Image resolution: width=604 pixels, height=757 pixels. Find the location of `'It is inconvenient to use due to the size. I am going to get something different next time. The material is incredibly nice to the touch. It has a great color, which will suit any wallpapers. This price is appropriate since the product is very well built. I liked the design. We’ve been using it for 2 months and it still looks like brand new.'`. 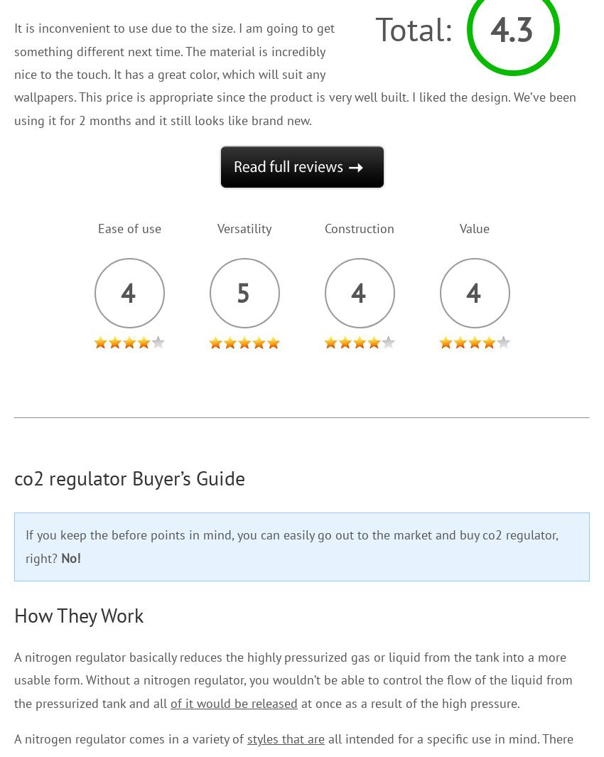

'It is inconvenient to use due to the size. I am going to get something different next time. The material is incredibly nice to the touch. It has a great color, which will suit any wallpapers. This price is appropriate since the product is very well built. I liked the design. We’ve been using it for 2 months and it still looks like brand new.' is located at coordinates (295, 73).